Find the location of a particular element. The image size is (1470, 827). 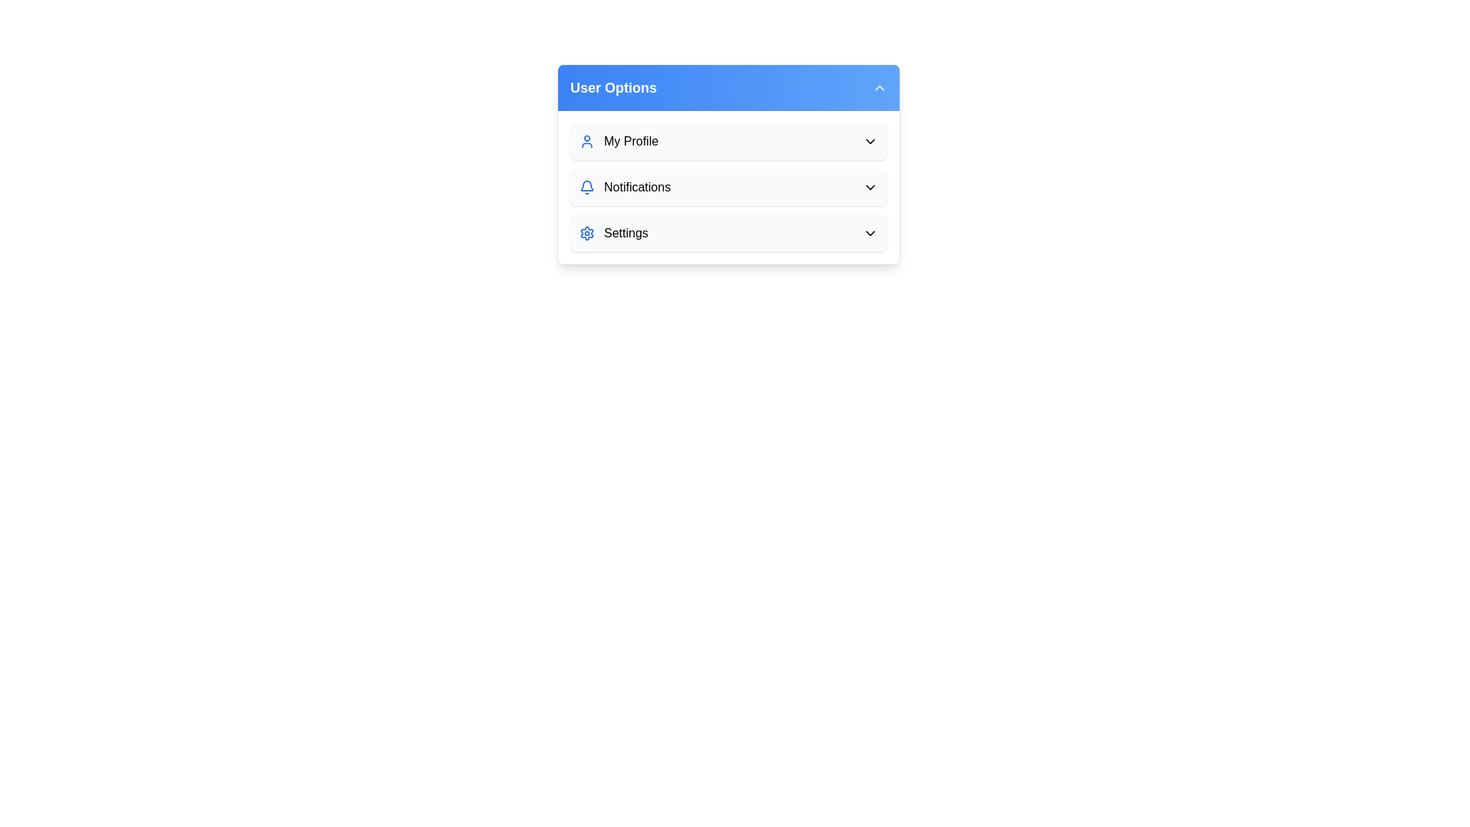

the 'Notifications' text label, which is a dark font color label positioned to the right of a bell icon within the 'User Options' menu panel is located at coordinates (636, 187).